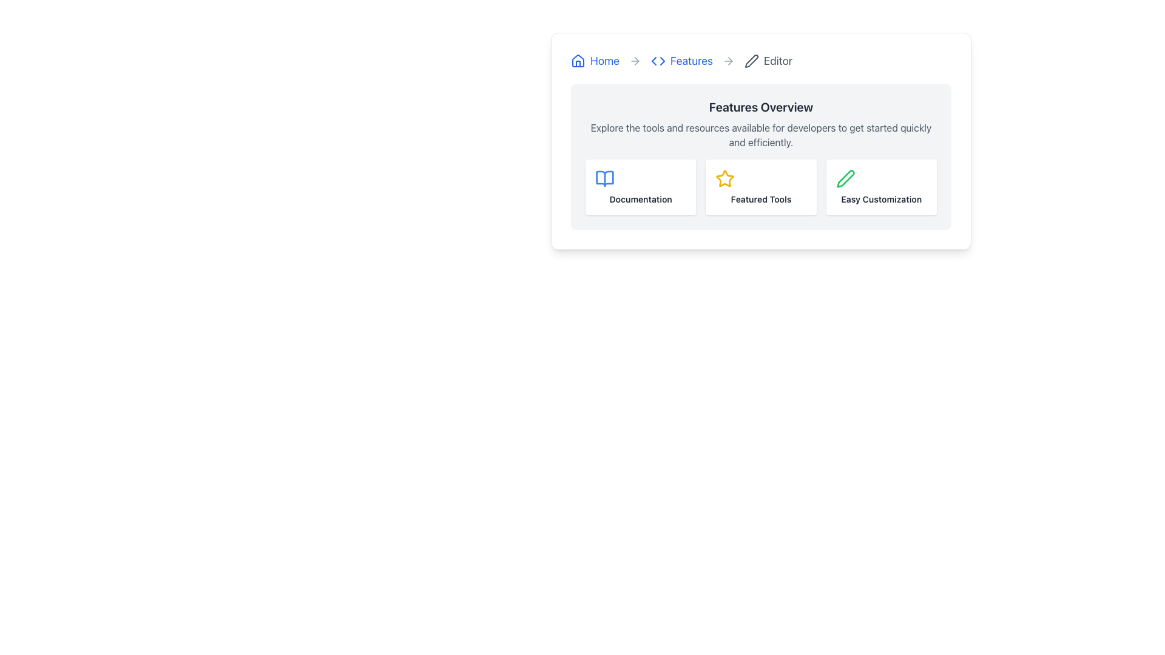 Image resolution: width=1165 pixels, height=655 pixels. I want to click on the text 'Home' for copying, which is styled in blue and located in the top-left segment of the navigation bar, next to a house icon, so click(605, 61).